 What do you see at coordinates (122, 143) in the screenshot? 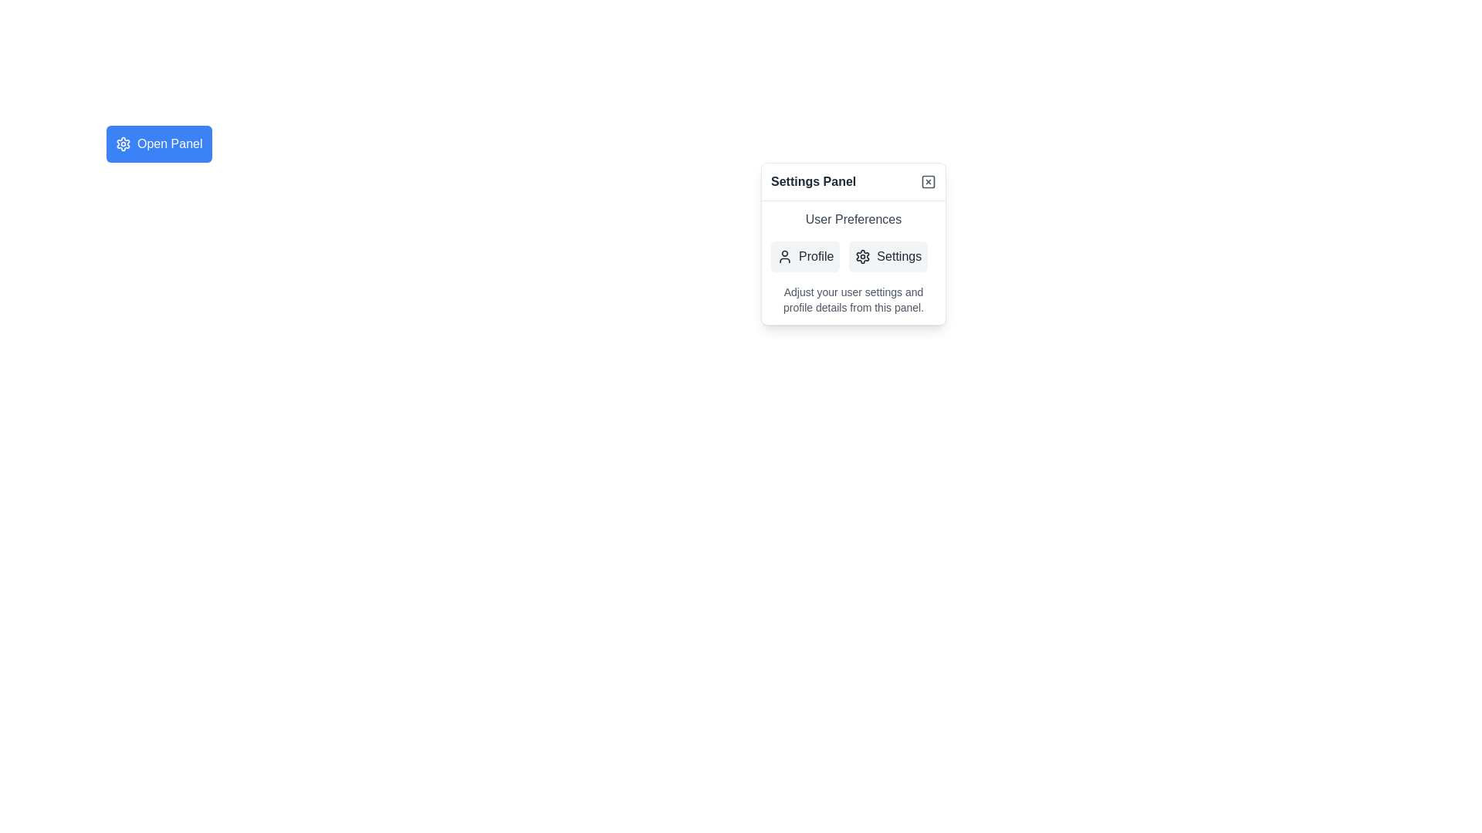
I see `the gear-shaped settings icon located to the left of the 'Open Panel' label in the upper-left section of the interface` at bounding box center [122, 143].